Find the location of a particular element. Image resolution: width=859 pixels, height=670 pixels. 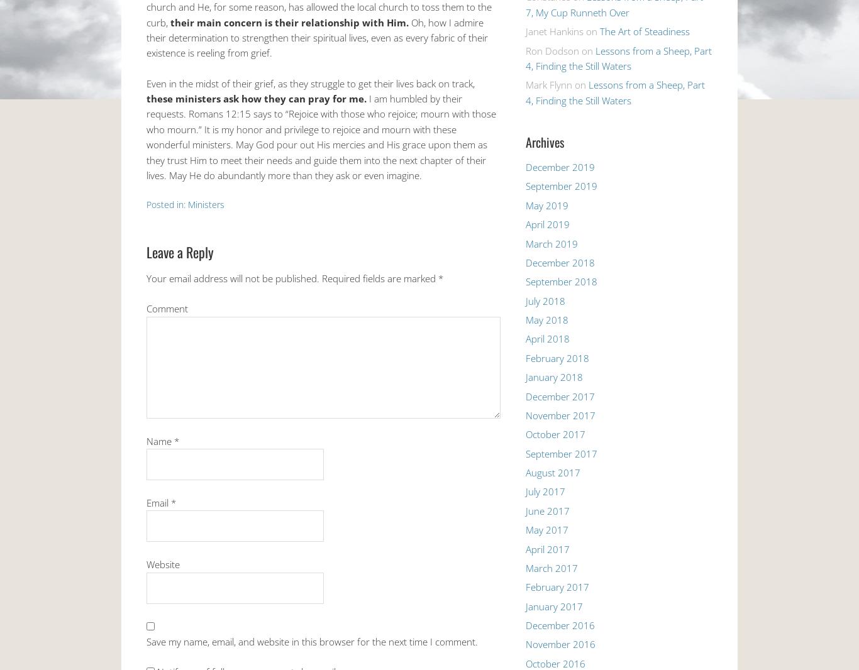

'Your email address will not be published.' is located at coordinates (147, 277).